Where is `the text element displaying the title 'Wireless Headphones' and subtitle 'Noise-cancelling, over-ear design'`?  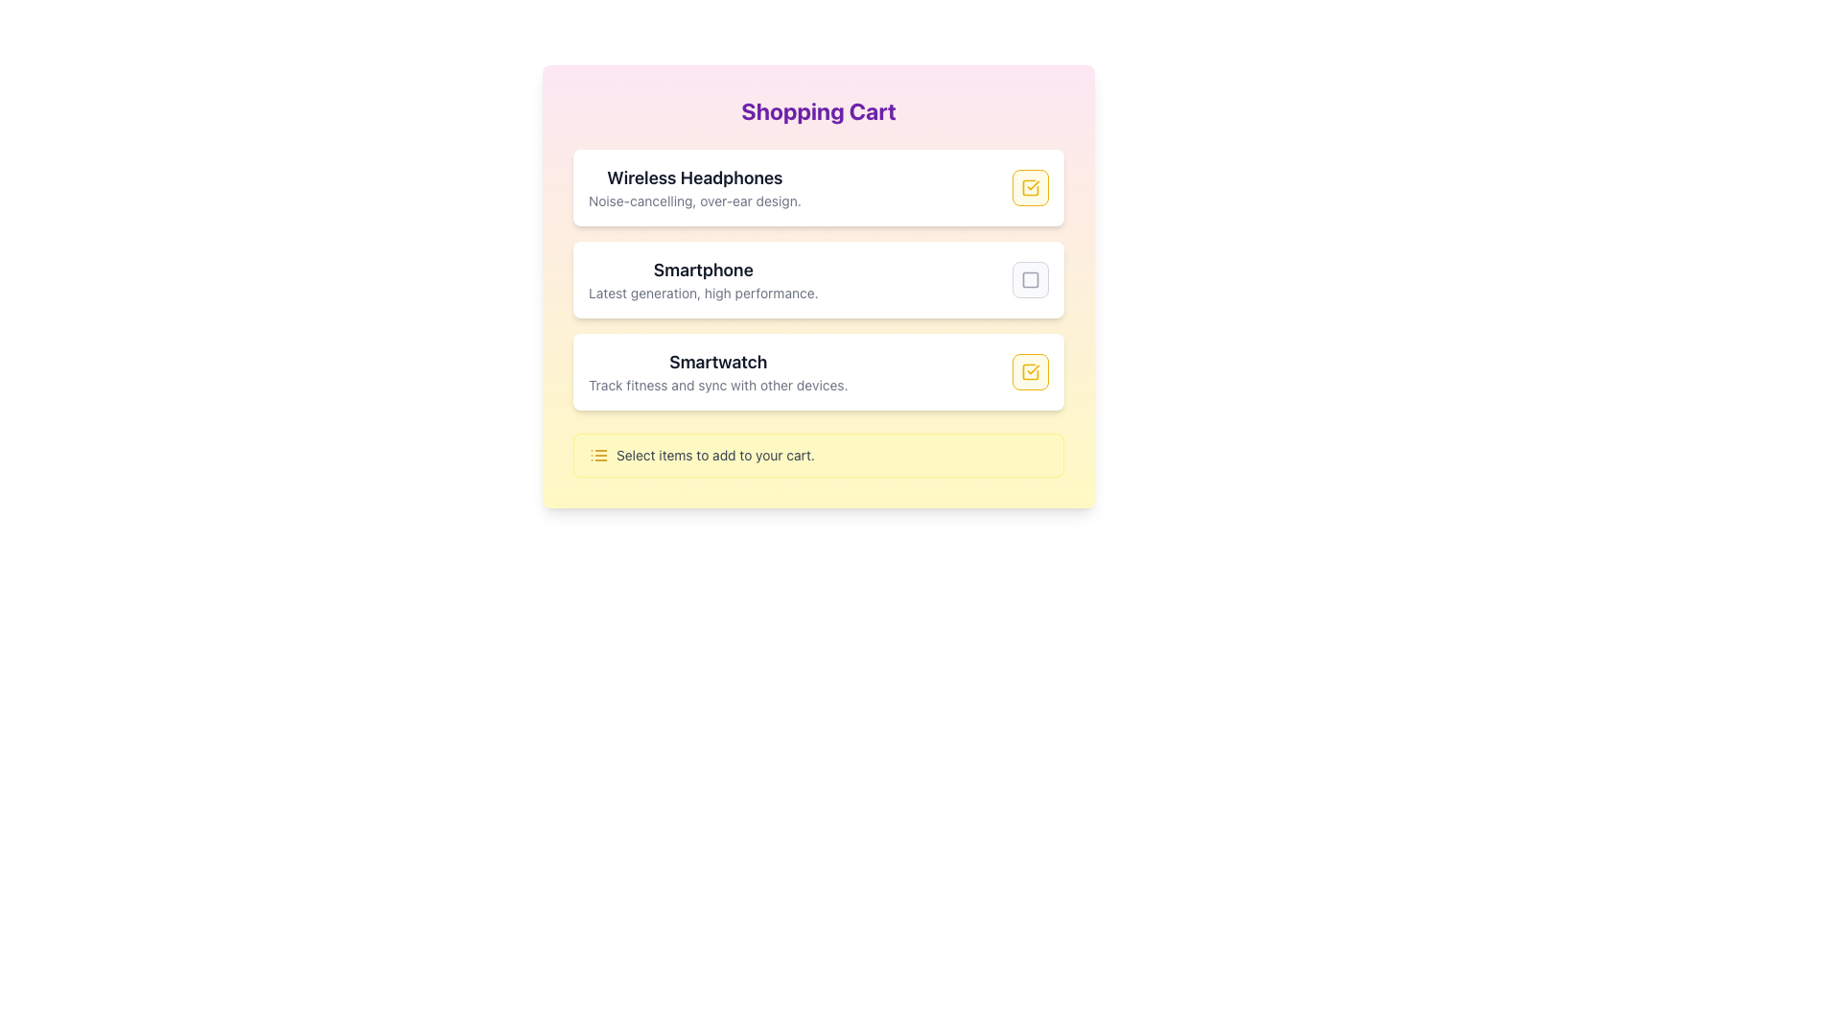 the text element displaying the title 'Wireless Headphones' and subtitle 'Noise-cancelling, over-ear design' is located at coordinates (693, 188).